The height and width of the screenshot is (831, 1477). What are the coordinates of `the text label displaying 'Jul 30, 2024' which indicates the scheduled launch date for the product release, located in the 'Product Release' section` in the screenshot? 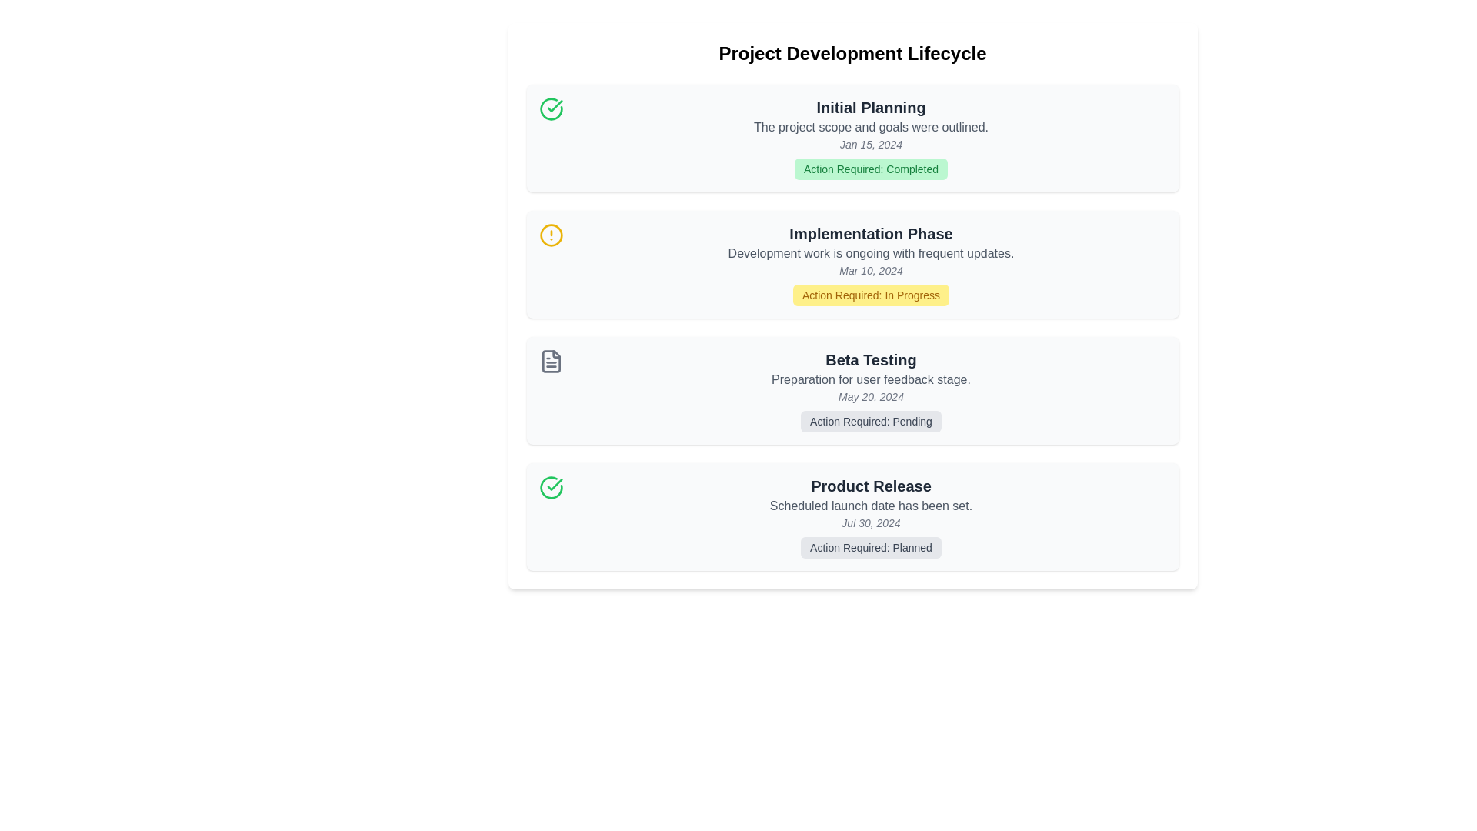 It's located at (871, 522).